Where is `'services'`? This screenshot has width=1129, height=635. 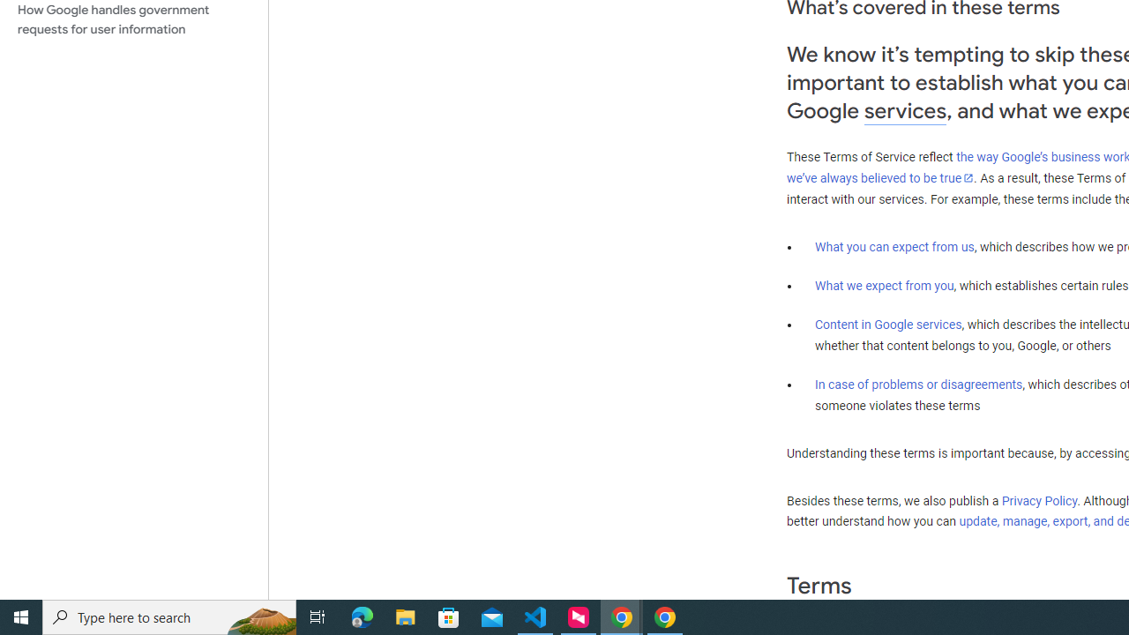
'services' is located at coordinates (905, 110).